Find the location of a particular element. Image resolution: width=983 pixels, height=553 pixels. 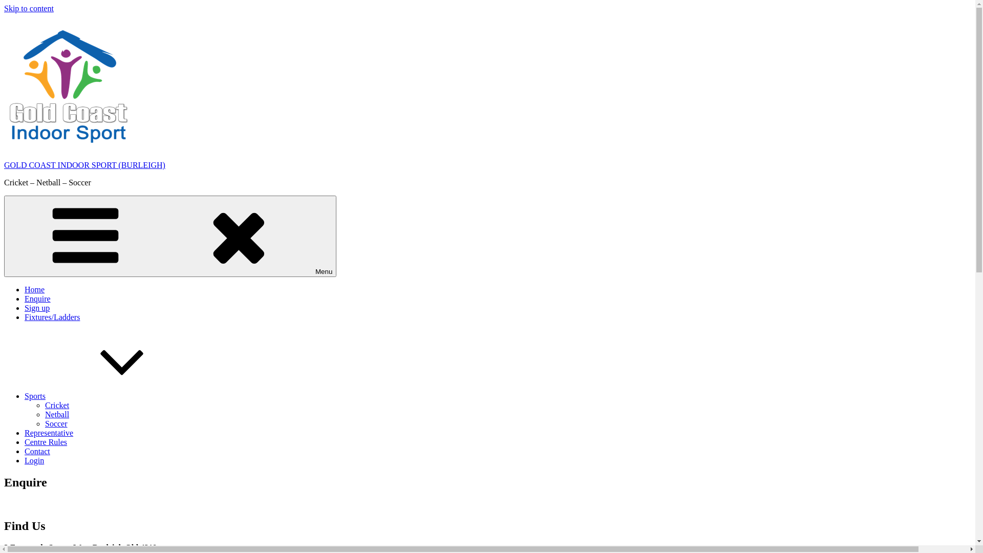

'Netball' is located at coordinates (44, 414).